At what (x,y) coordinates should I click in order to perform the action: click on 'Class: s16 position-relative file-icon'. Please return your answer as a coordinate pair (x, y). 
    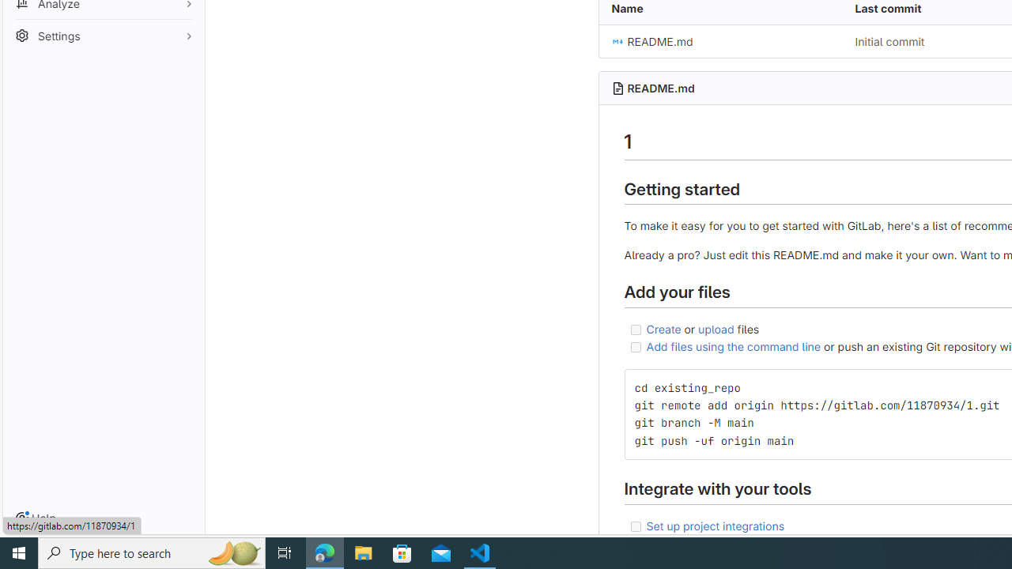
    Looking at the image, I should click on (617, 41).